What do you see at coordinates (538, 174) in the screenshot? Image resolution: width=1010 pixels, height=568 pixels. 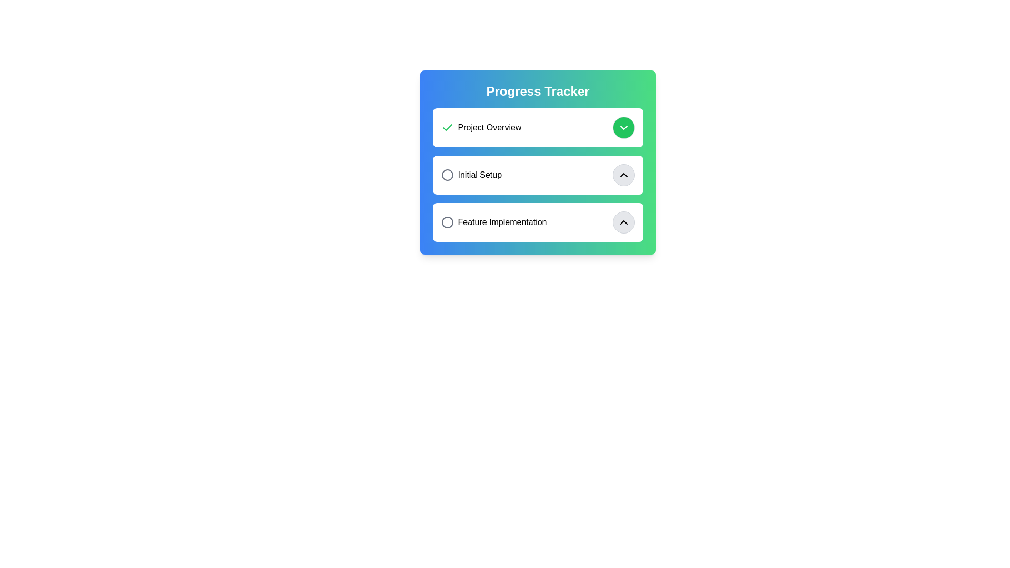 I see `the 'Initial Setup' step in the progress tracker interface` at bounding box center [538, 174].